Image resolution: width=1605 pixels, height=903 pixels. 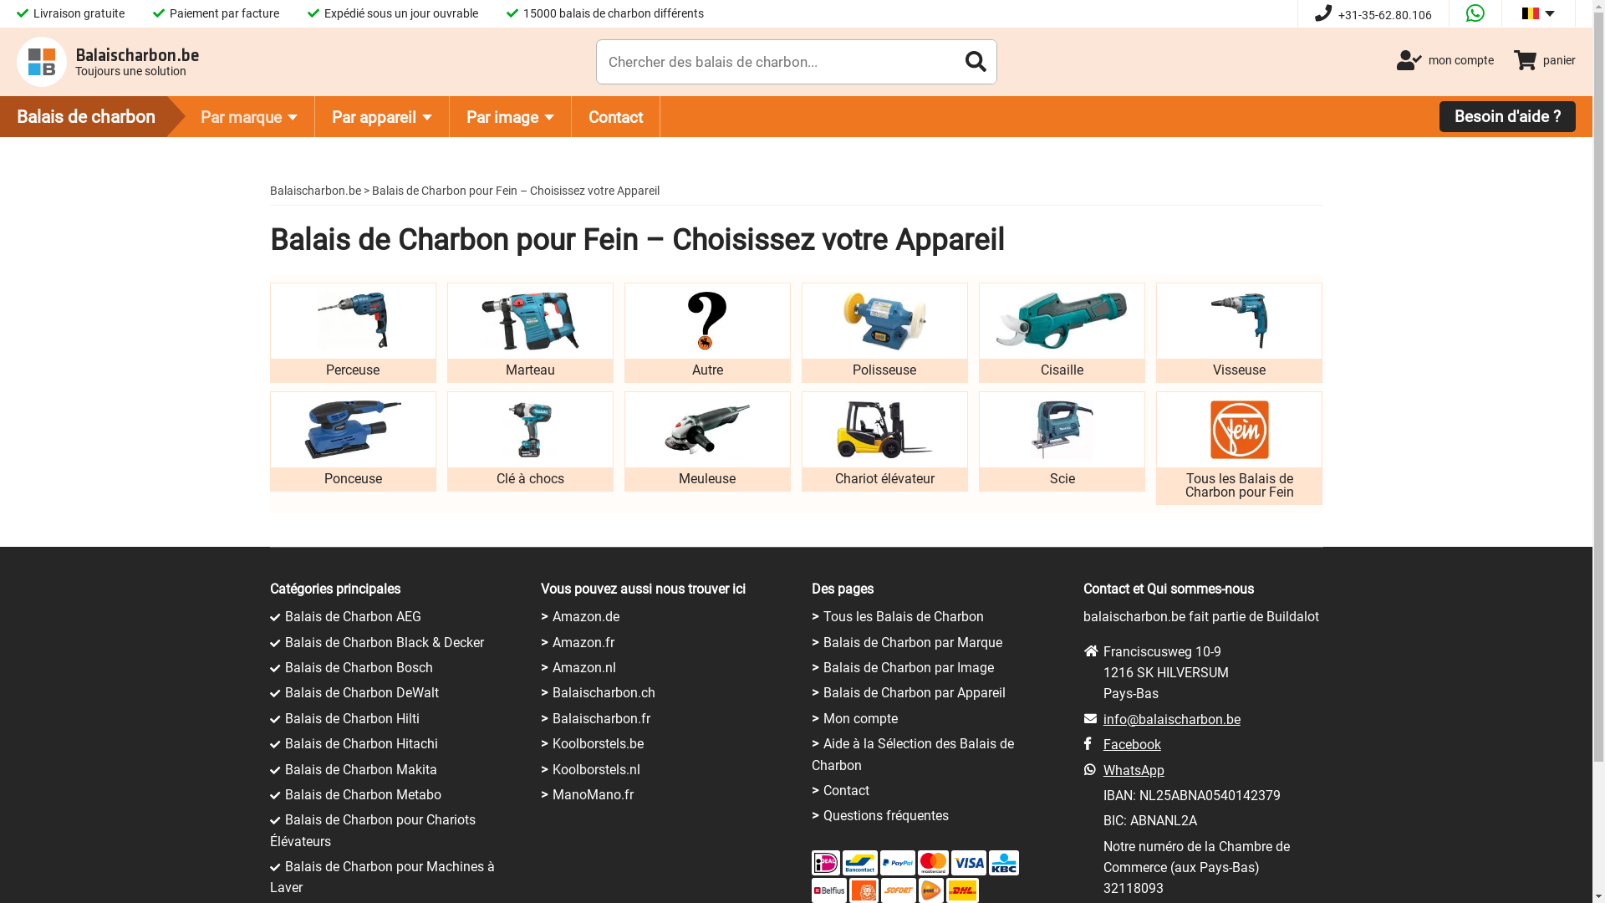 What do you see at coordinates (914, 692) in the screenshot?
I see `'Balais de Charbon par Appareil'` at bounding box center [914, 692].